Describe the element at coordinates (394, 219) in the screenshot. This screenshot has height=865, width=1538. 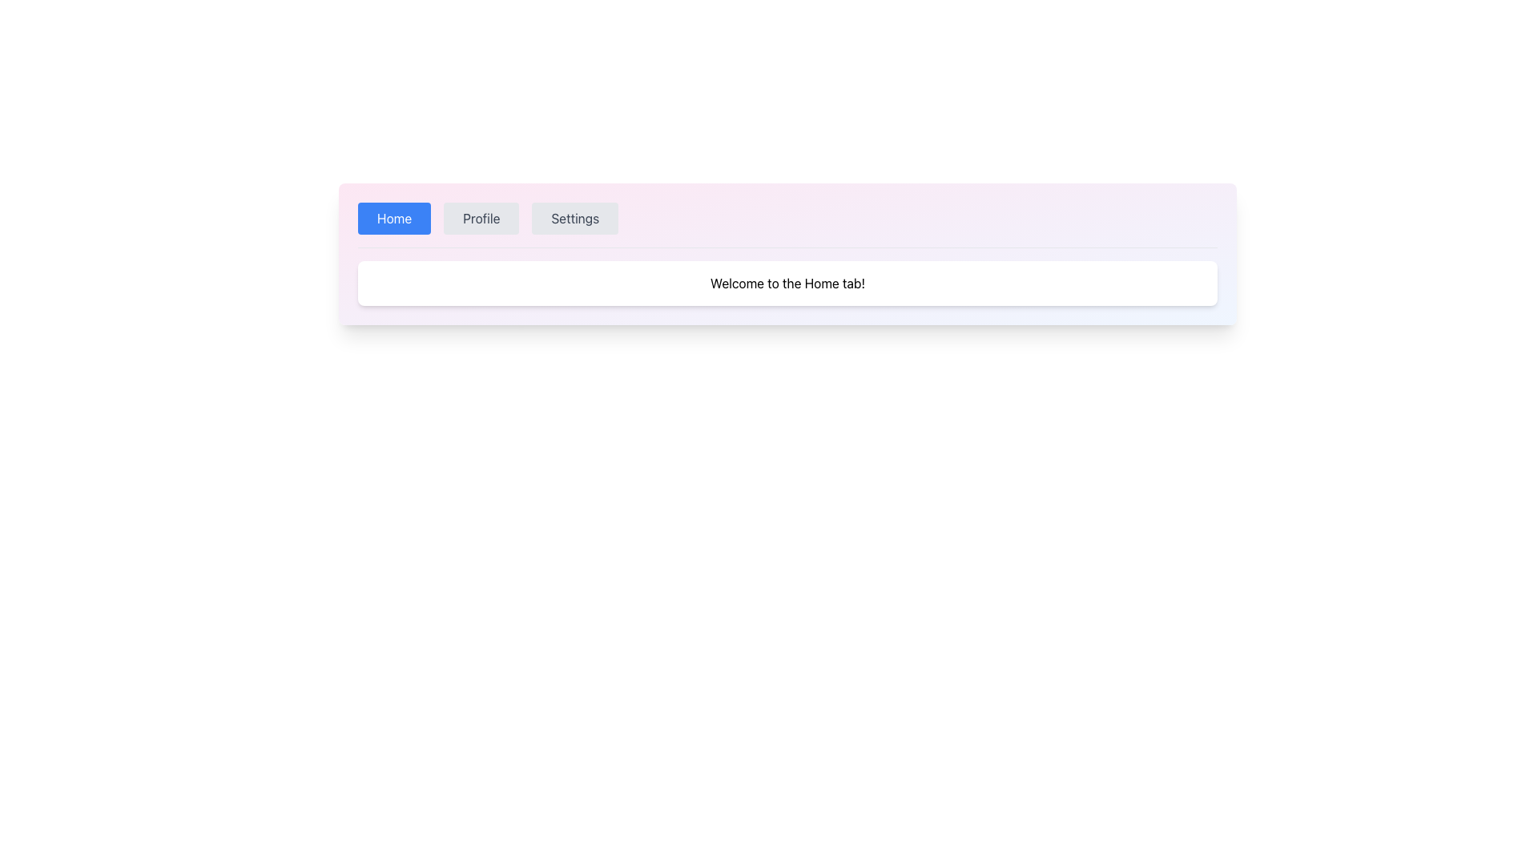
I see `the 'Home' button, which is a rectangular button with rounded edges displaying white text on a blue background` at that location.